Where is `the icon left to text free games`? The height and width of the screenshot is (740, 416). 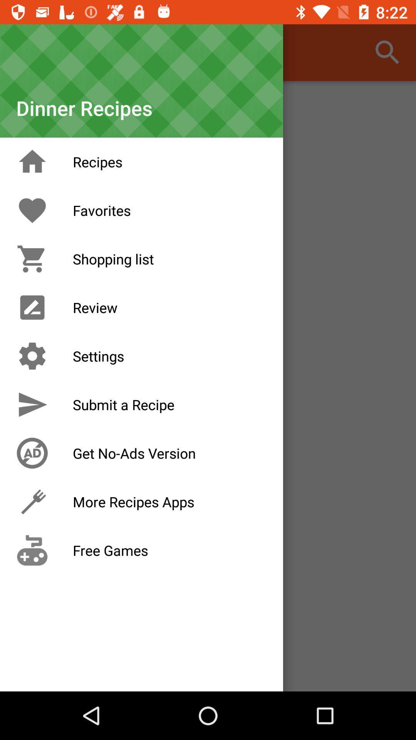
the icon left to text free games is located at coordinates (32, 550).